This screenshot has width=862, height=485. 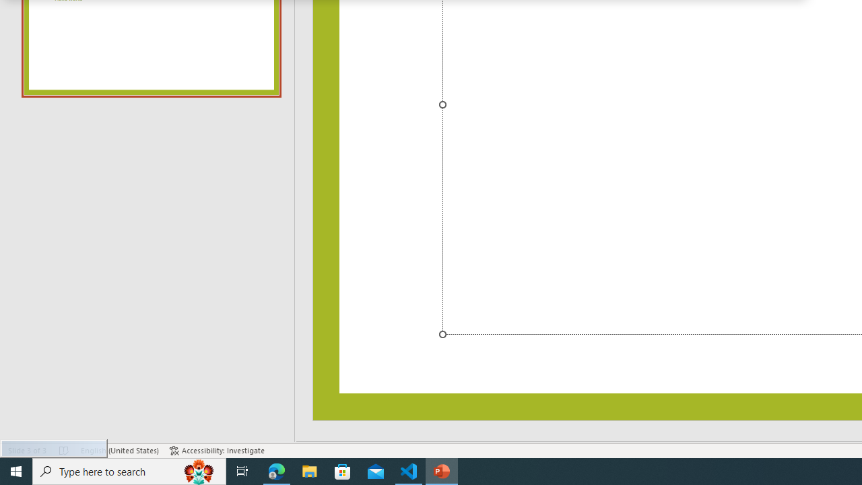 I want to click on 'Accessibility Checker Accessibility: Investigate', so click(x=217, y=451).